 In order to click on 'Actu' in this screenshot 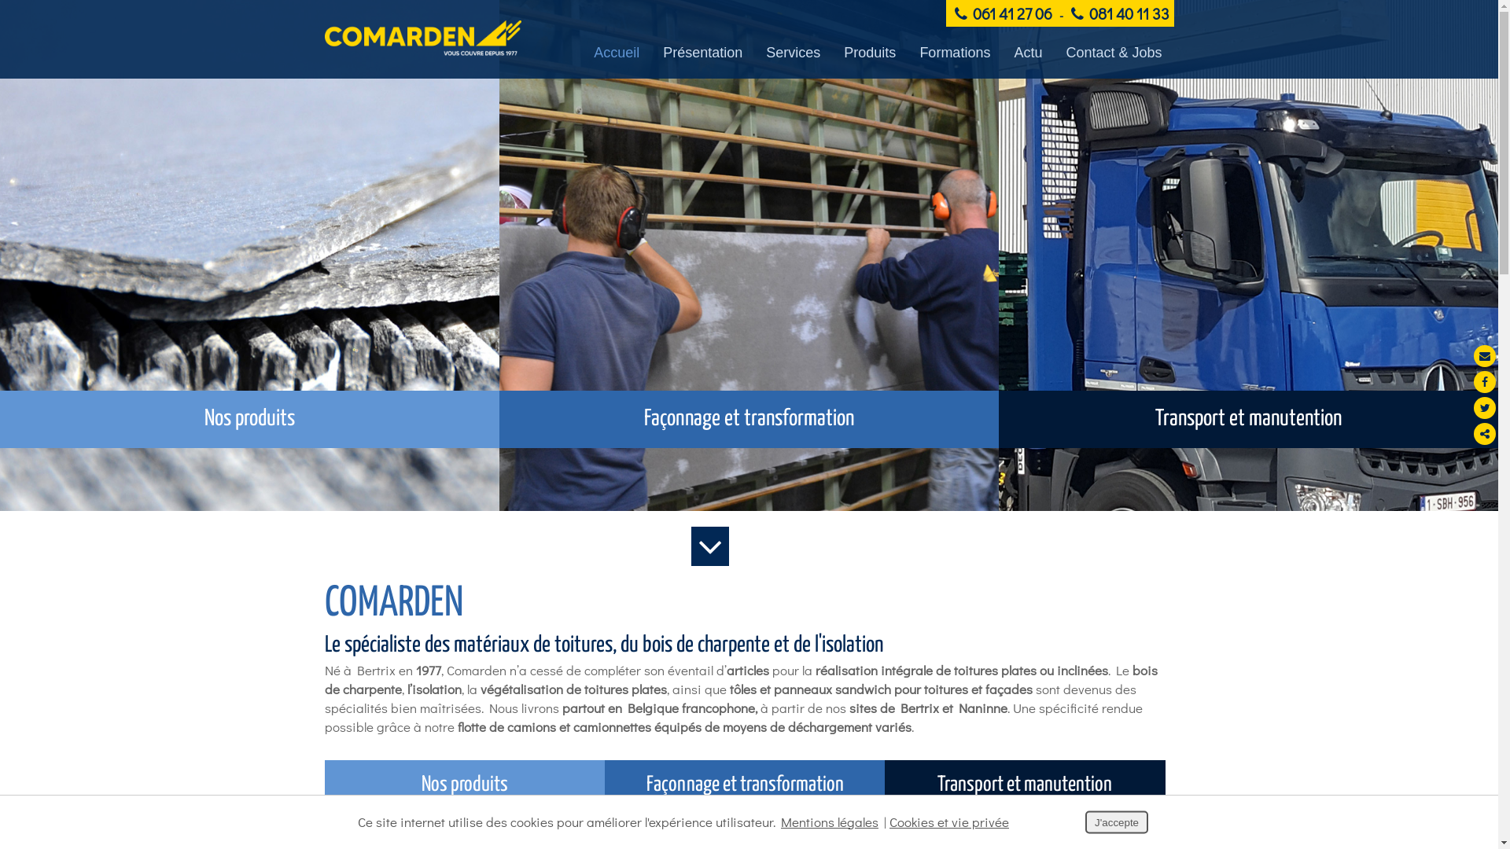, I will do `click(1027, 51)`.